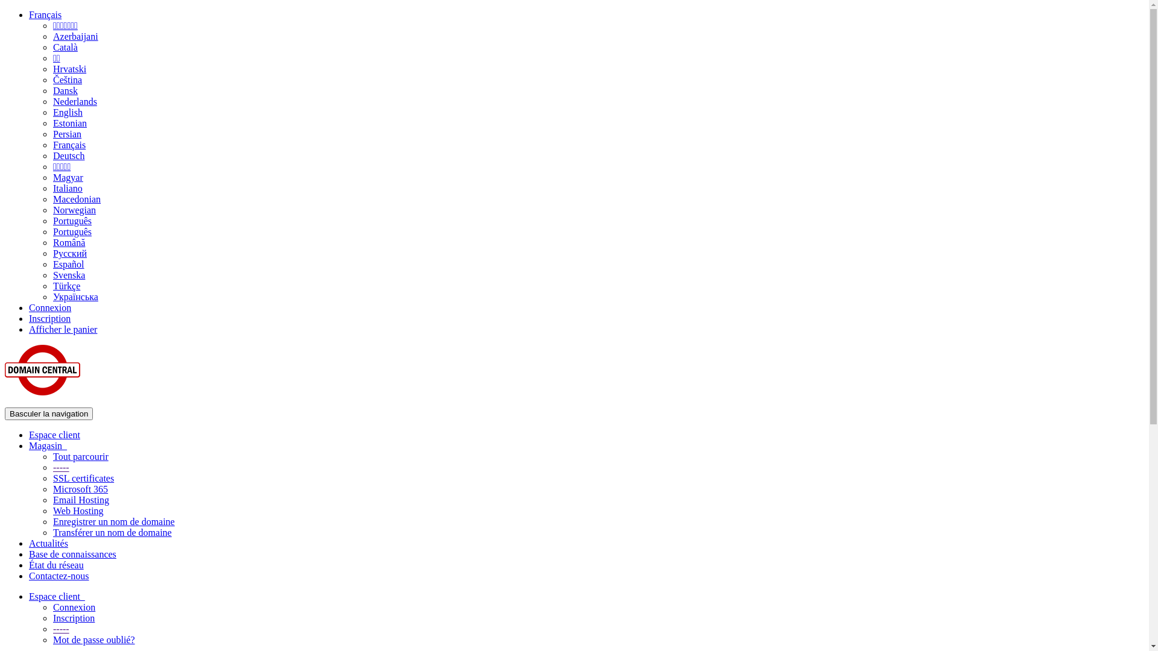  What do you see at coordinates (75, 36) in the screenshot?
I see `'Azerbaijani'` at bounding box center [75, 36].